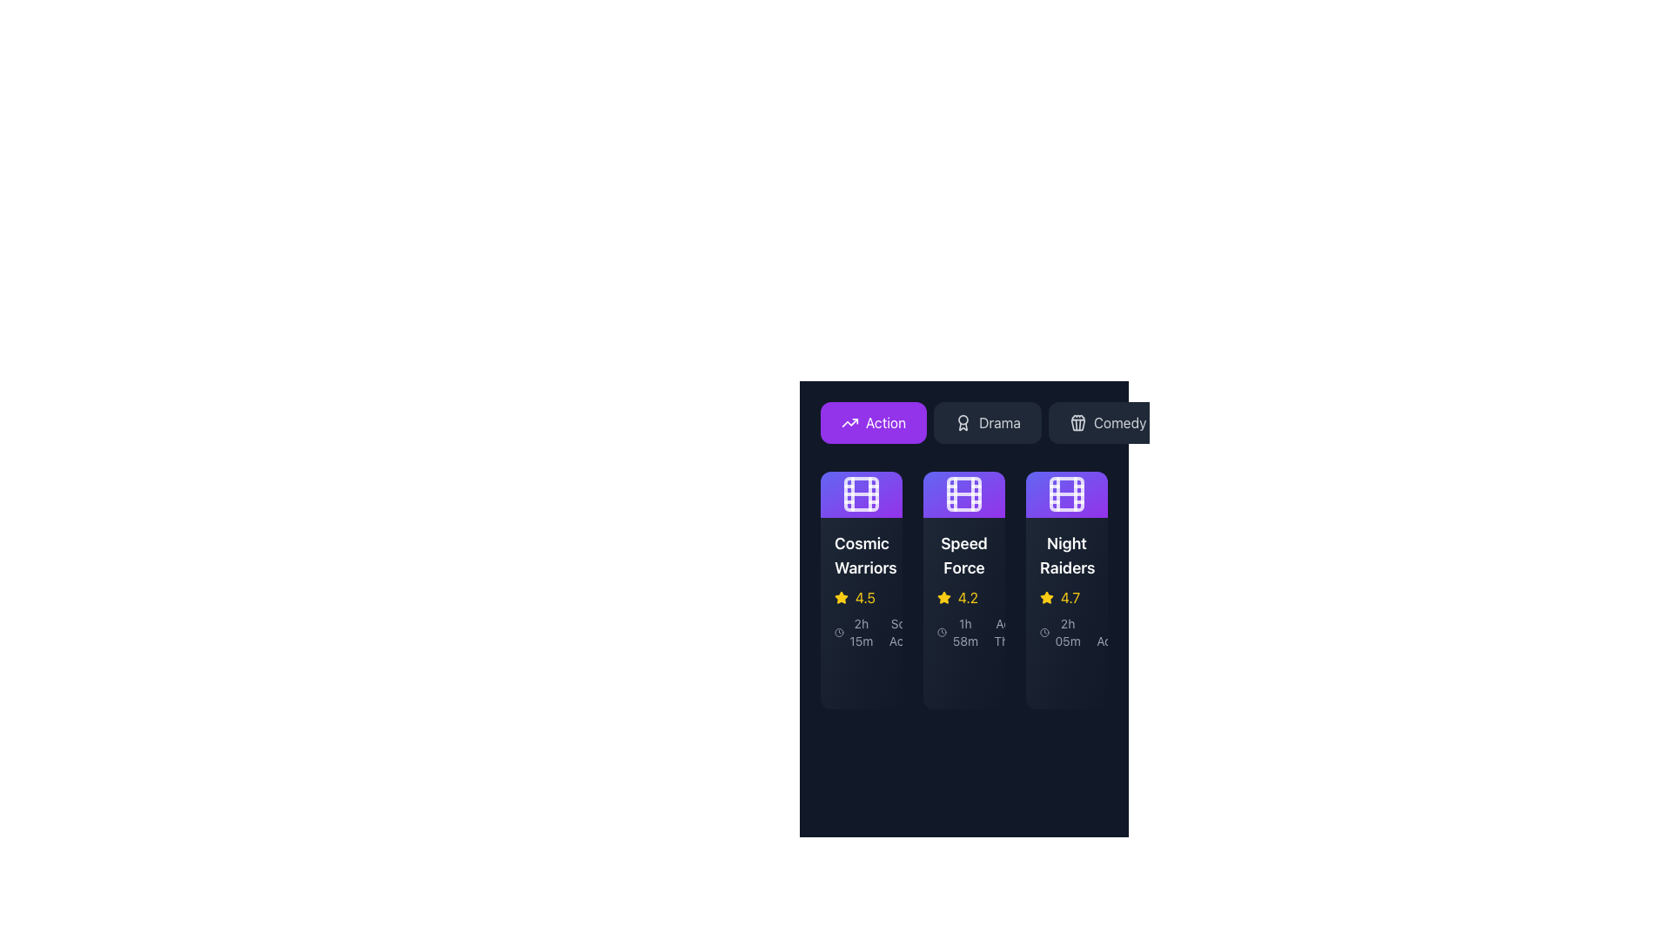 This screenshot has height=940, width=1671. I want to click on the Decorative media thumbnail or icon, which is the first item in the row beneath the 'Action', 'Drama', and 'Comedy' tabs, part of the 'Cosmic Warriors' card, so click(861, 493).